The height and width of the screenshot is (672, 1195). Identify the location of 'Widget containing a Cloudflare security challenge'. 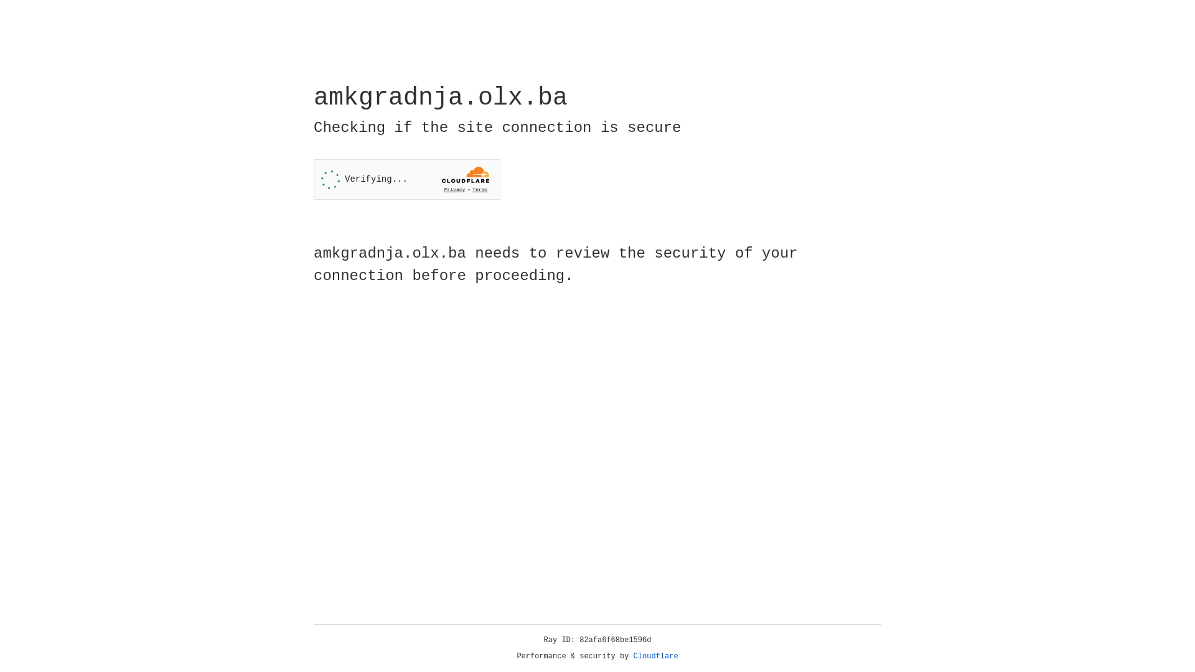
(406, 179).